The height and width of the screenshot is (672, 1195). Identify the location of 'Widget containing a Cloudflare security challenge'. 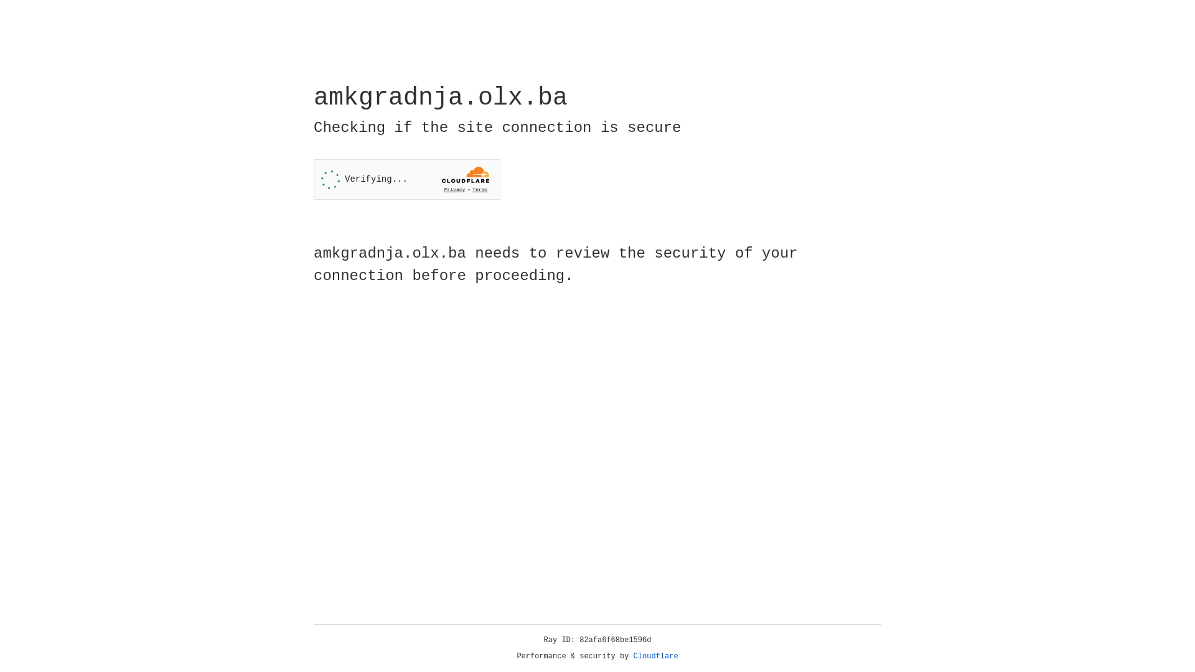
(406, 179).